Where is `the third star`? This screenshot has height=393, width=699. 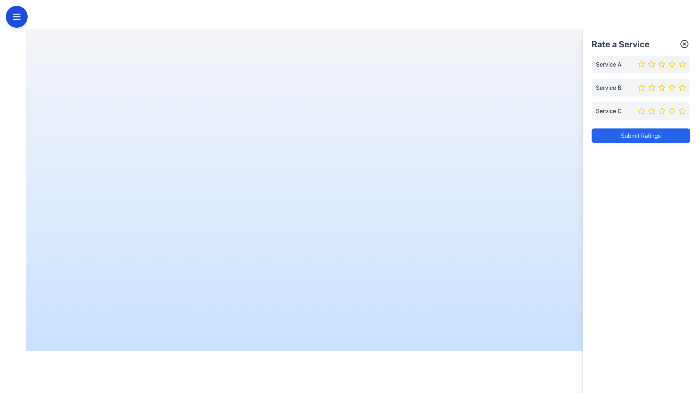 the third star is located at coordinates (652, 111).